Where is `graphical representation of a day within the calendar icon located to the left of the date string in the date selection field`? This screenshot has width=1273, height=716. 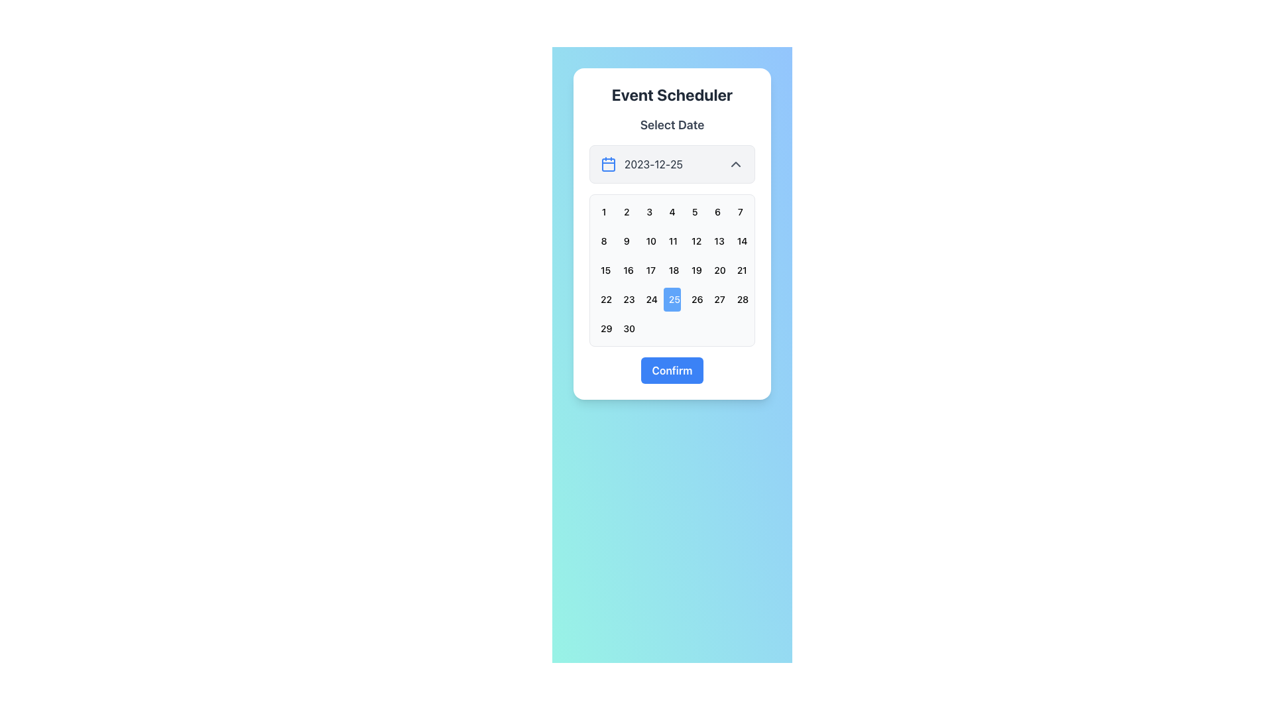
graphical representation of a day within the calendar icon located to the left of the date string in the date selection field is located at coordinates (607, 164).